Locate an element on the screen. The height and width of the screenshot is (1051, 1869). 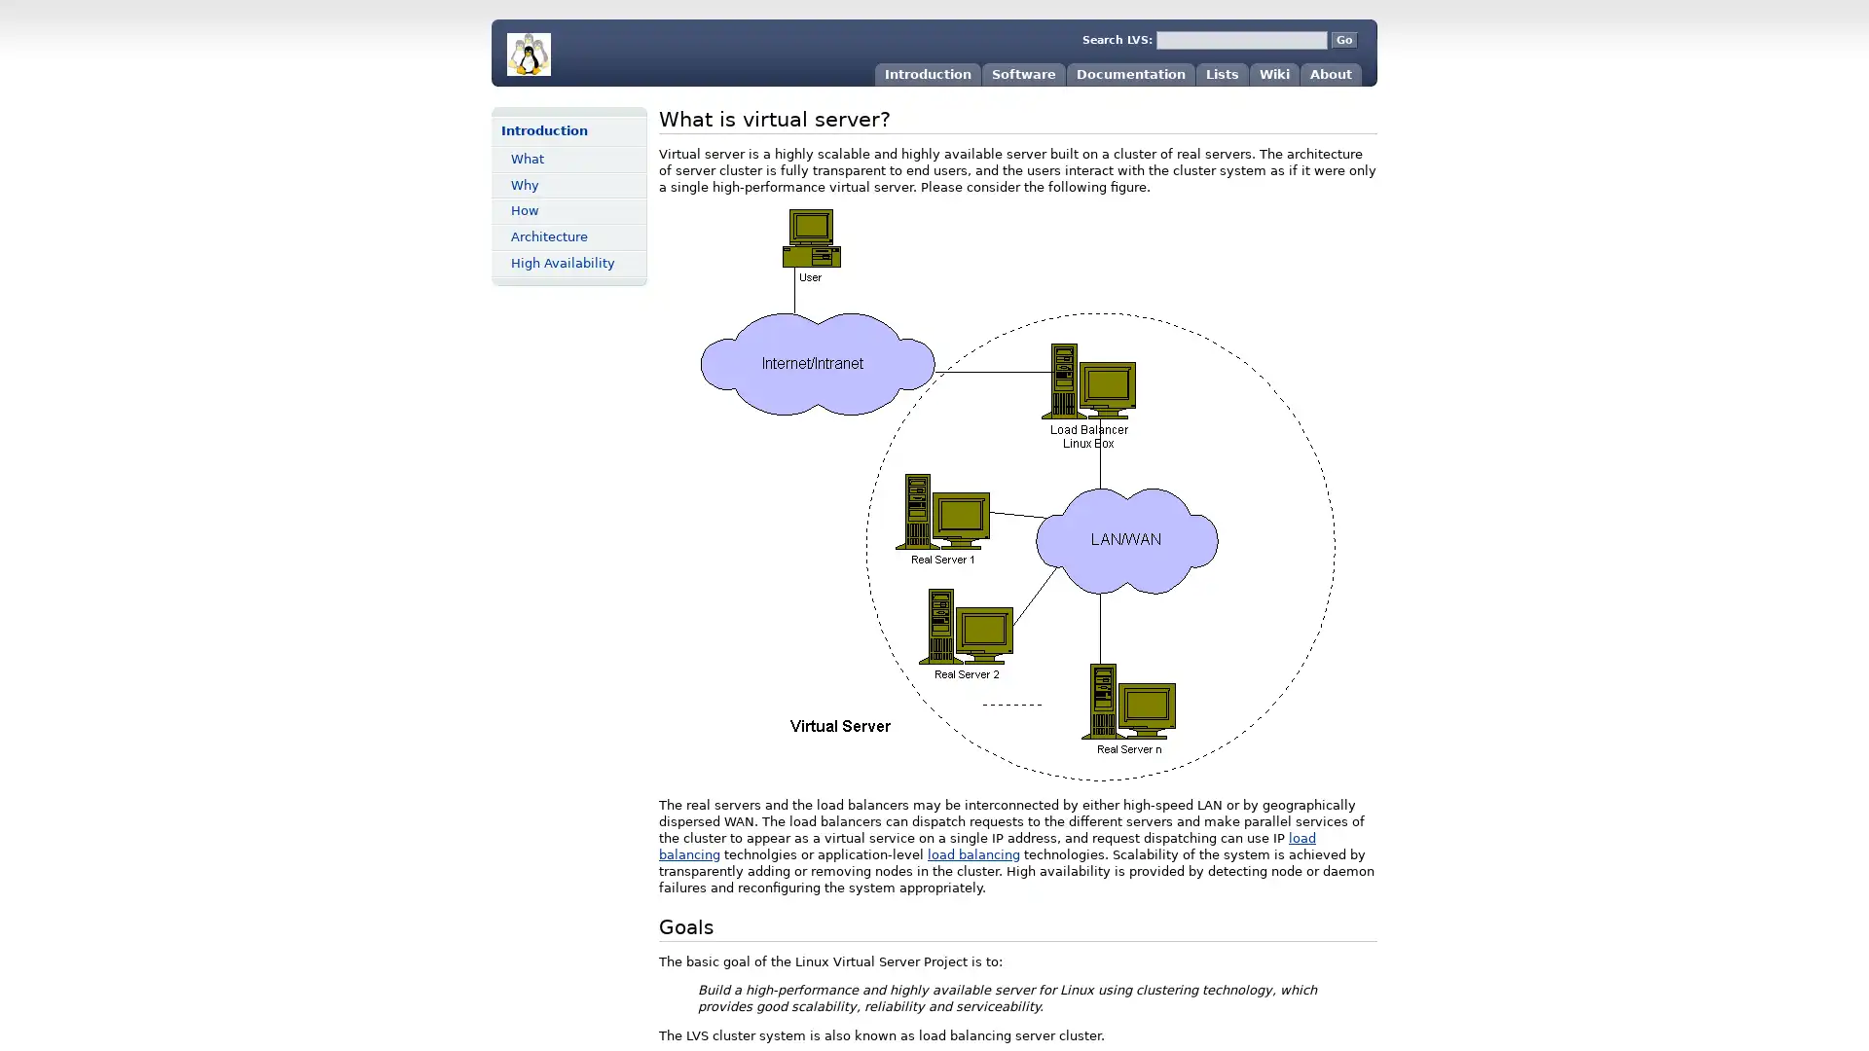
Go is located at coordinates (1343, 40).